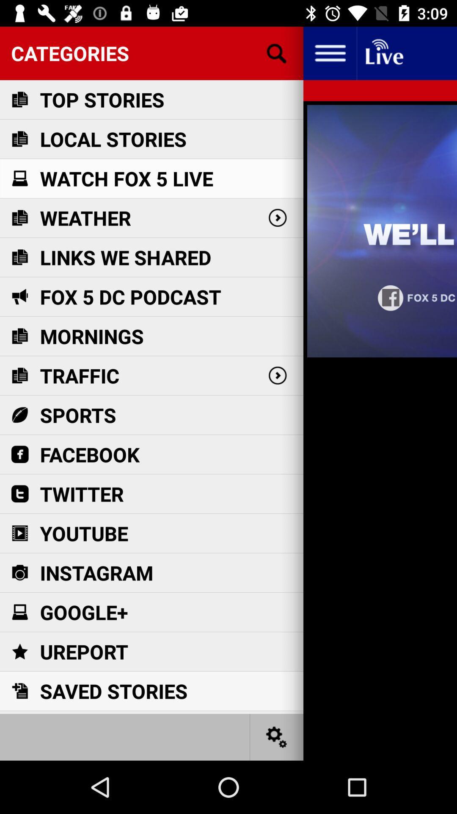 This screenshot has height=814, width=457. What do you see at coordinates (78, 415) in the screenshot?
I see `item below the traffic item` at bounding box center [78, 415].